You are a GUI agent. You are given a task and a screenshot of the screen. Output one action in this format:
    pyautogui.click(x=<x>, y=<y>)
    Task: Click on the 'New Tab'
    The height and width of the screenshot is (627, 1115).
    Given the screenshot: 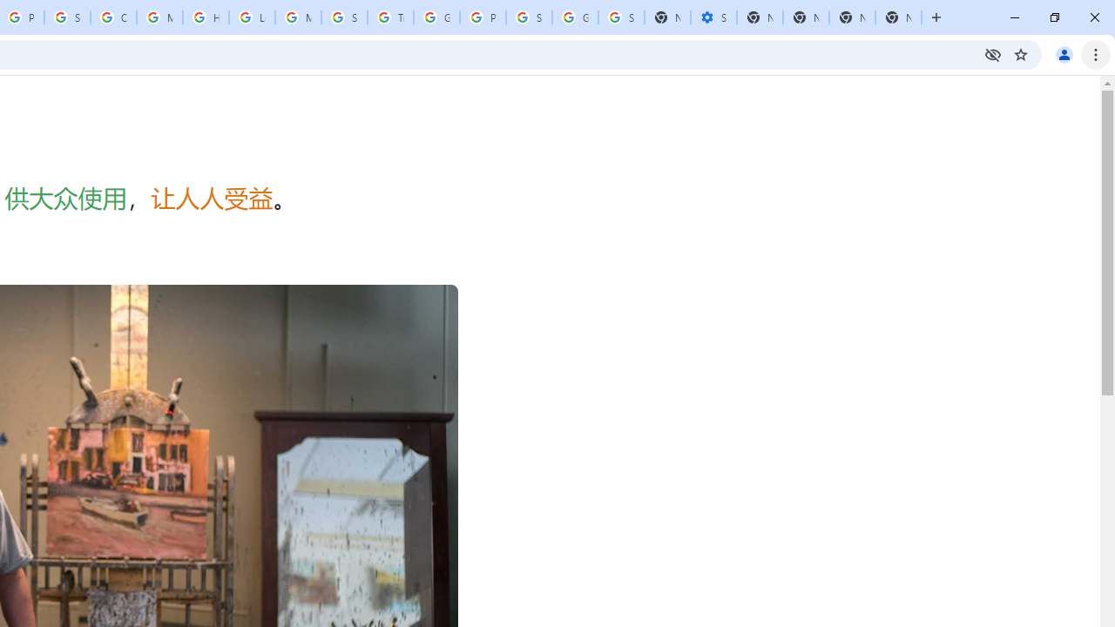 What is the action you would take?
    pyautogui.click(x=898, y=17)
    